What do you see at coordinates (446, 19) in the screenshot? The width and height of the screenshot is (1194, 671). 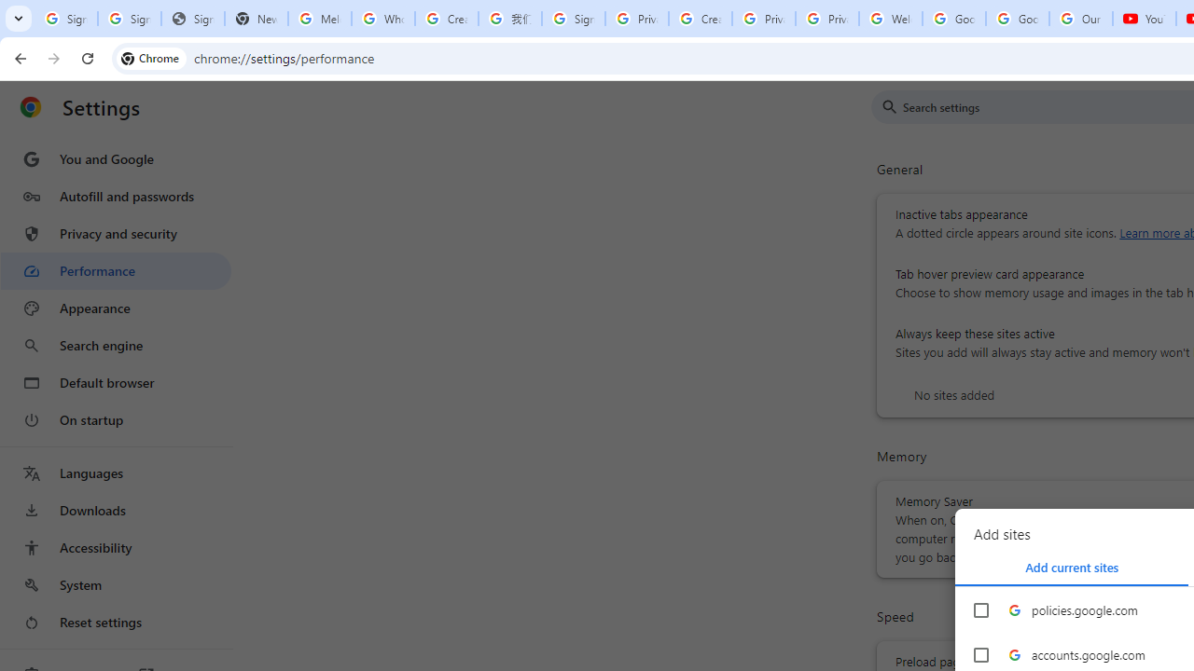 I see `'Create your Google Account'` at bounding box center [446, 19].